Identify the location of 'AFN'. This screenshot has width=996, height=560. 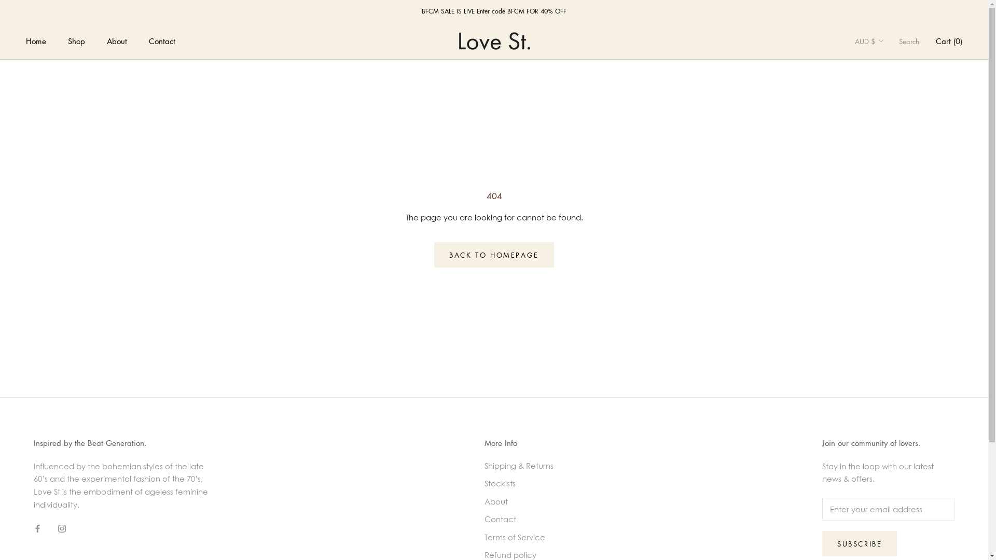
(886, 80).